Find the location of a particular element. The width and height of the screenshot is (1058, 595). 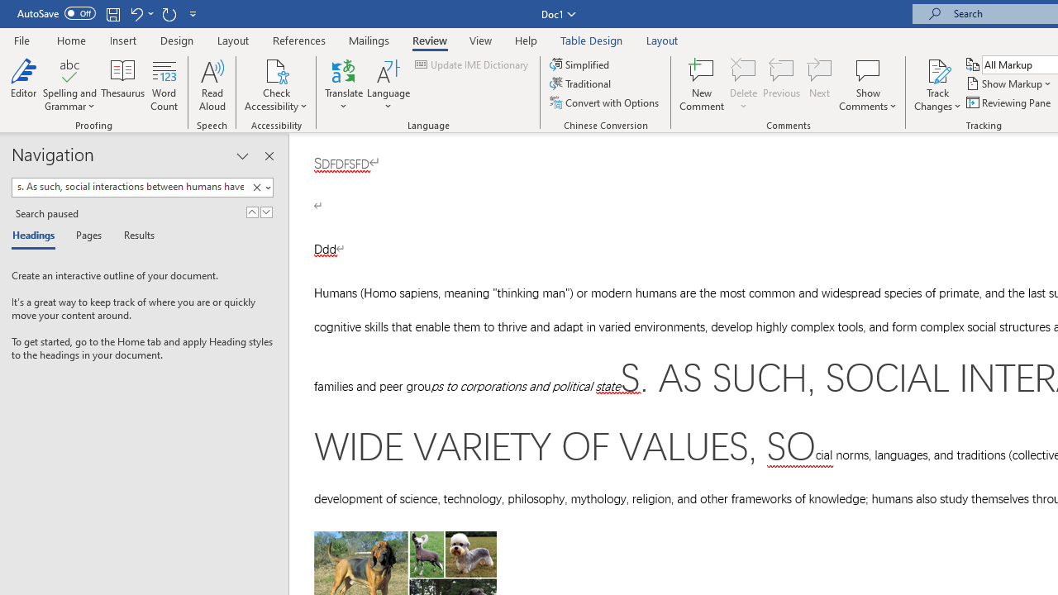

'Check Accessibility' is located at coordinates (276, 85).